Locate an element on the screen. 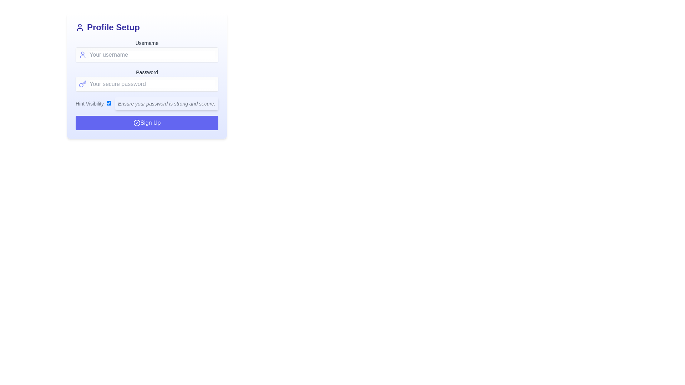 The width and height of the screenshot is (685, 385). the label that provides context for the password input field, which is located at the top-center of the profile setup form, directly above the input field with the placeholder 'Your secure password' is located at coordinates (147, 72).